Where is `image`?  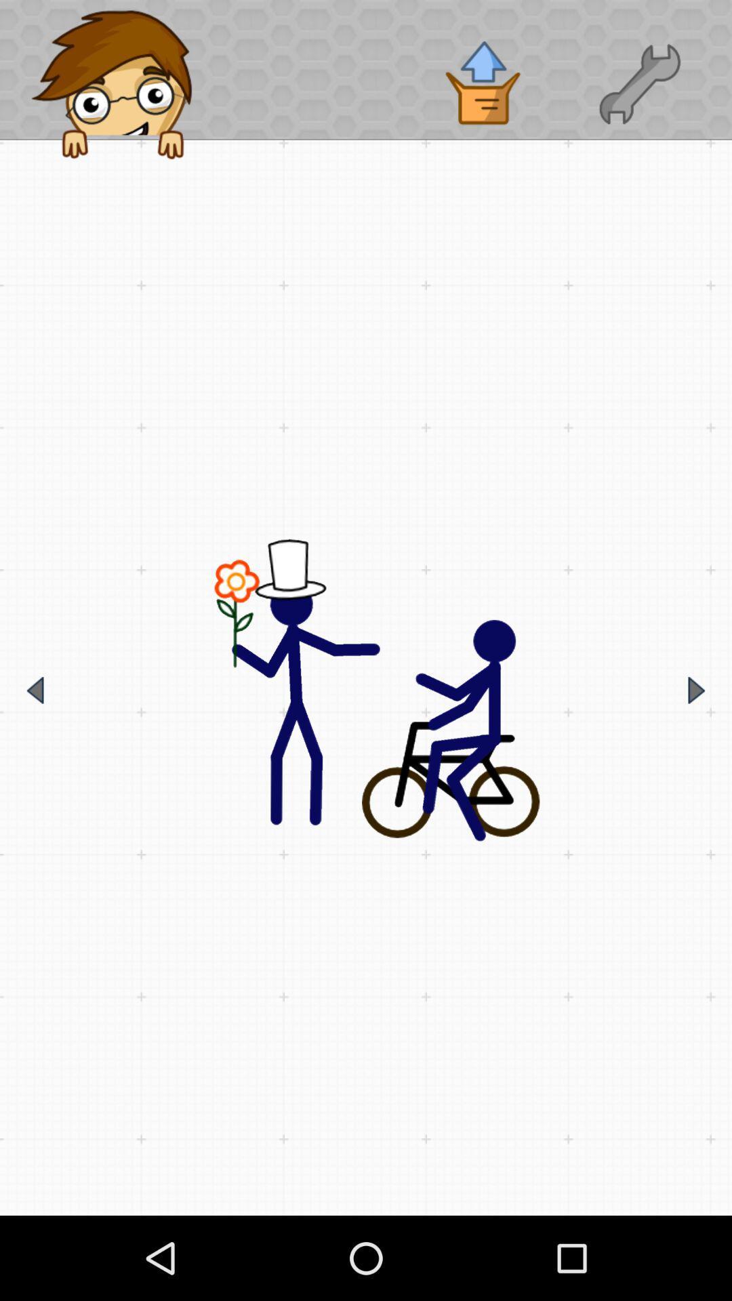 image is located at coordinates (366, 690).